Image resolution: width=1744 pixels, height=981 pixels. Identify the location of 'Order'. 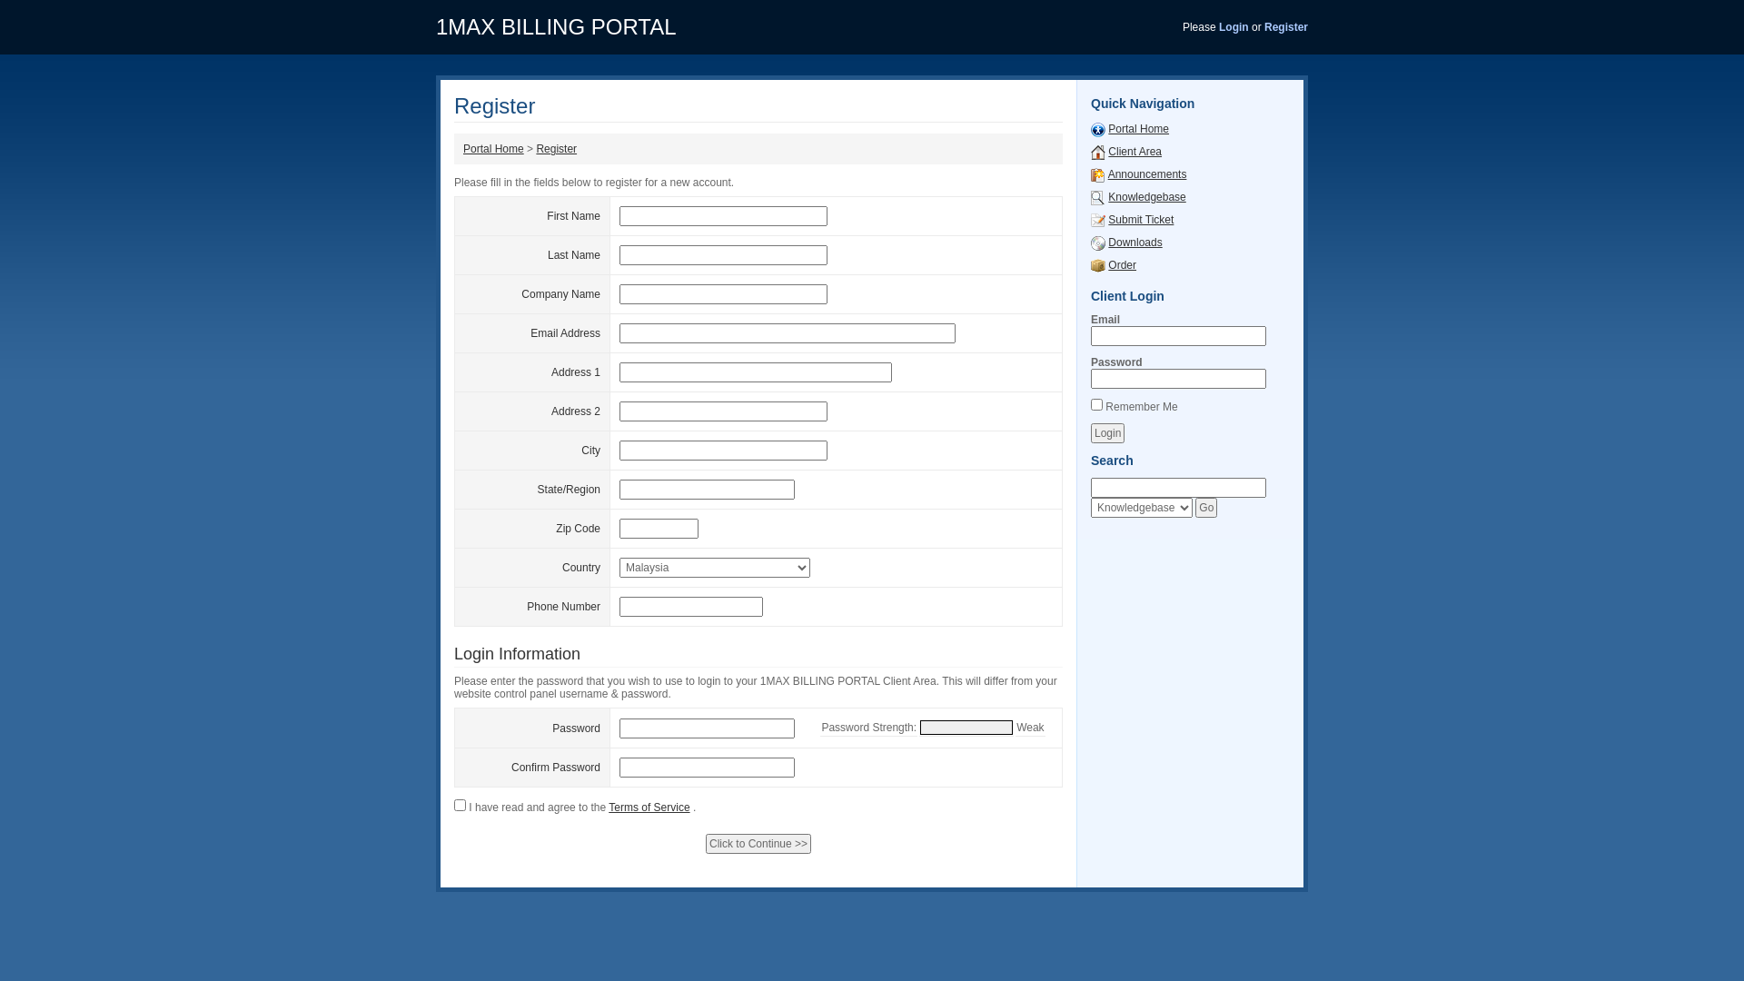
(1121, 265).